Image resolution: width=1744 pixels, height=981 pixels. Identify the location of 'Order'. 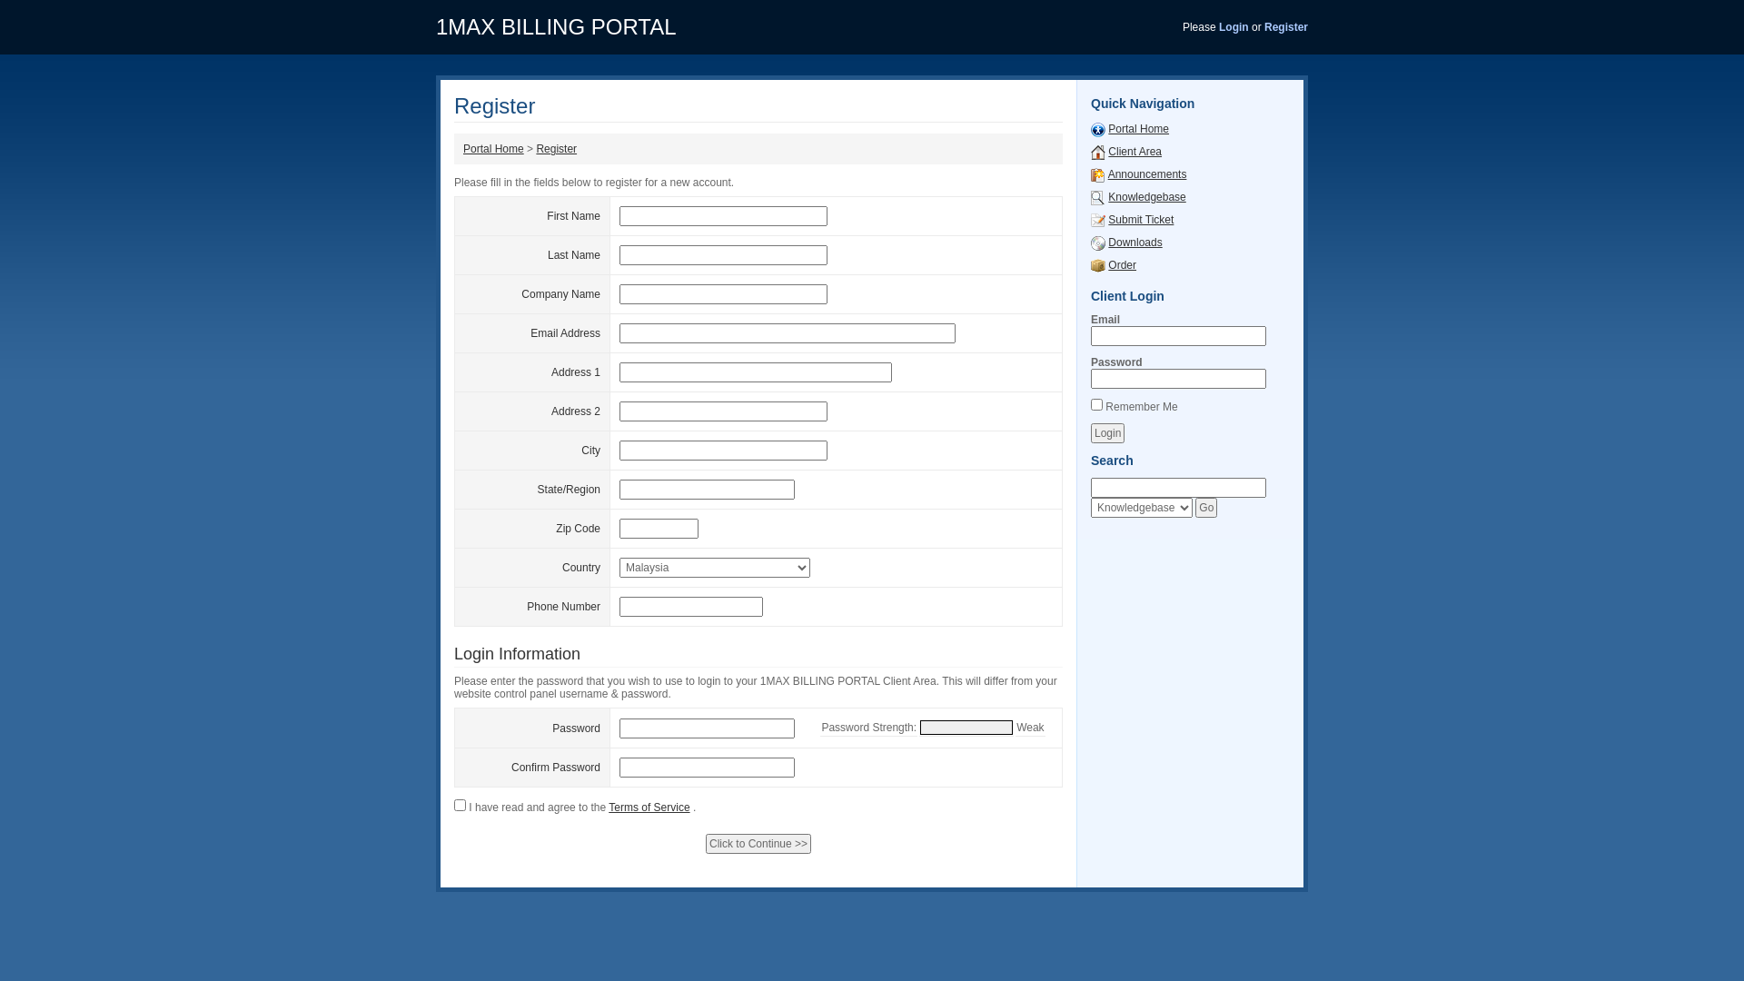
(1121, 265).